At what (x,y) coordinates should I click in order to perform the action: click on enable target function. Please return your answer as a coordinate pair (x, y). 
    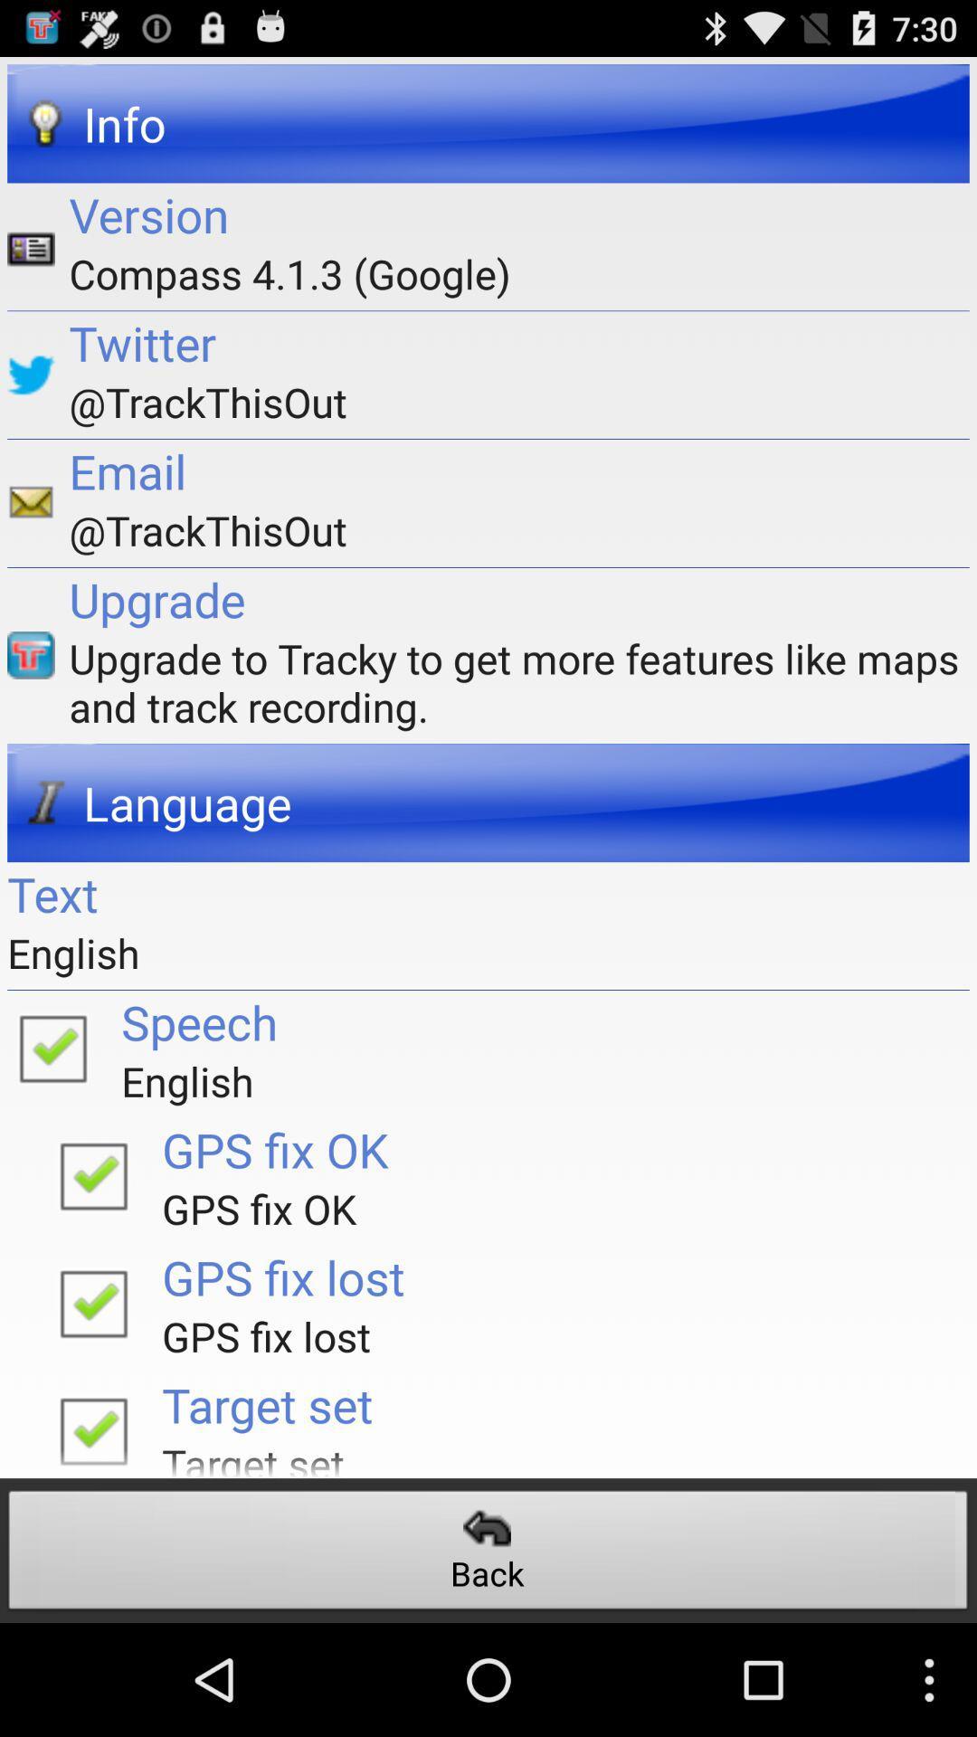
    Looking at the image, I should click on (93, 1425).